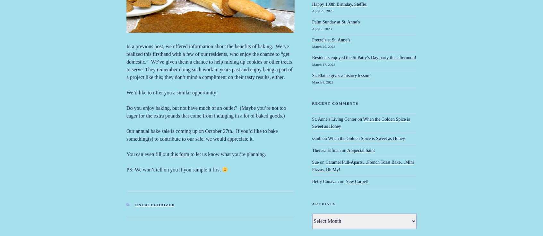  I want to click on 'Do you enjoy baking, but not have much of an outlet?  (Maybe you’re not too eager for the extra pounds that come from indulging in a lot of baked goods.)', so click(206, 111).